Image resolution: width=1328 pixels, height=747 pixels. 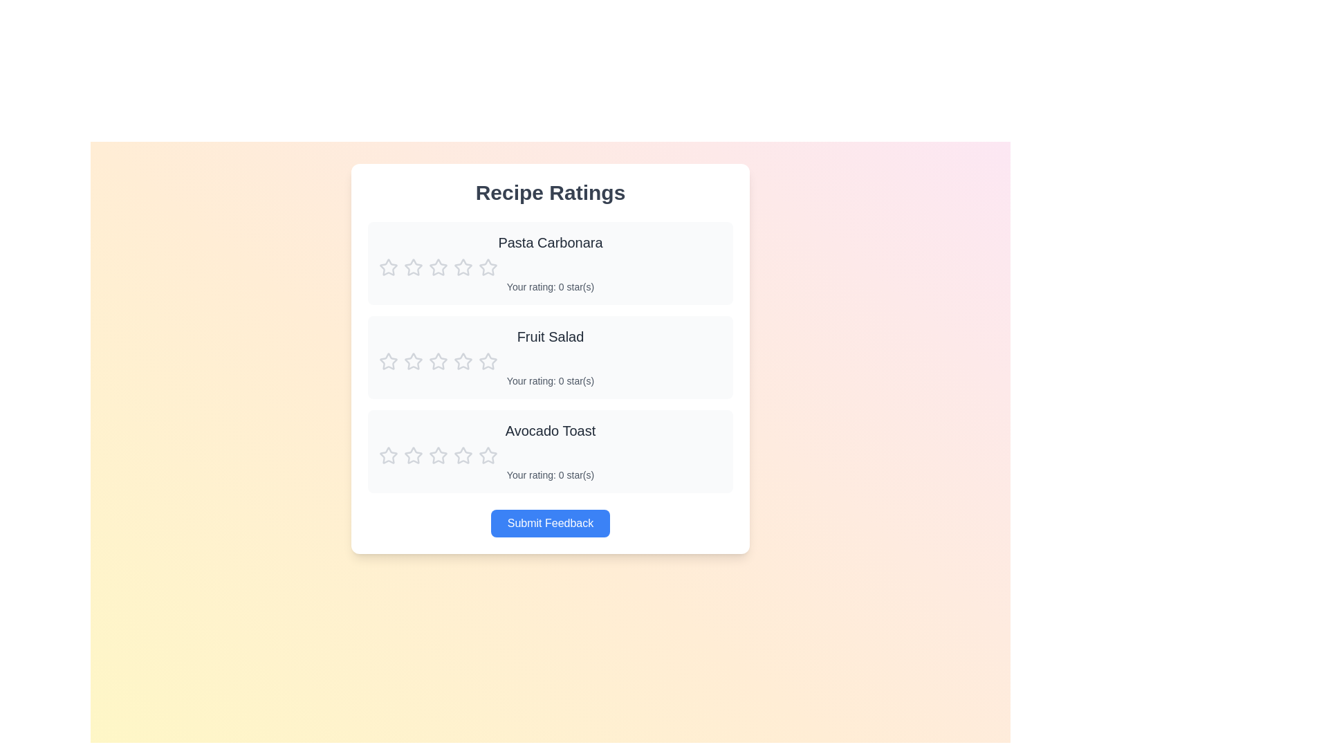 What do you see at coordinates (550, 356) in the screenshot?
I see `a star to rate the recipe by clicking on the Rating Component Block displaying 'Fruit Salad' and its star rating scale` at bounding box center [550, 356].